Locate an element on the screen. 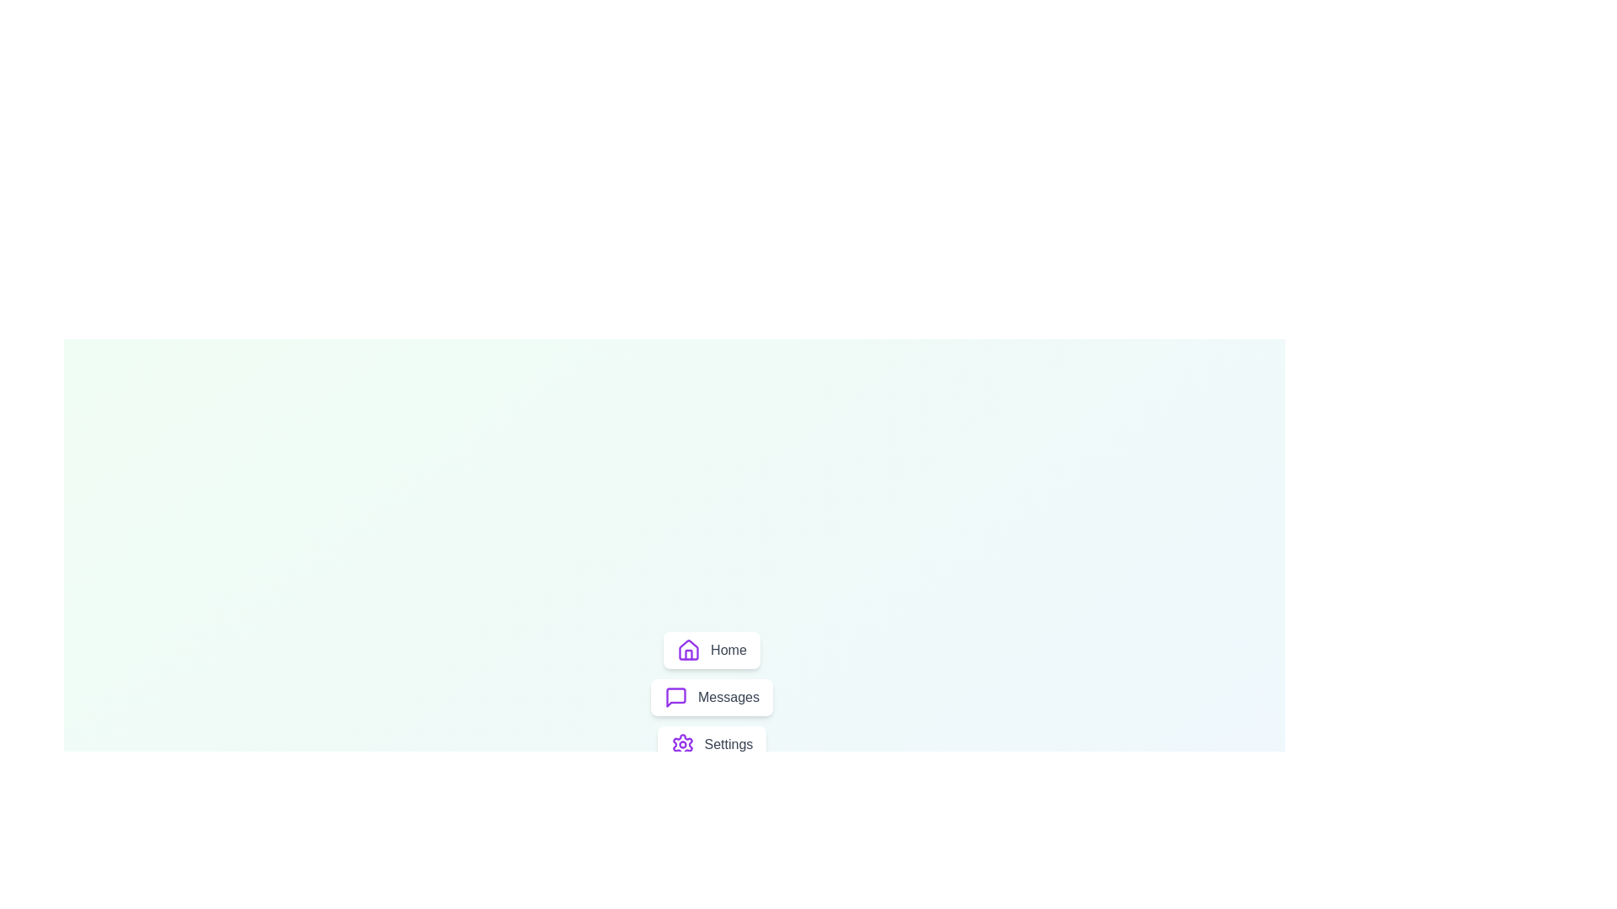  the menu item Home from the menu is located at coordinates (711, 649).